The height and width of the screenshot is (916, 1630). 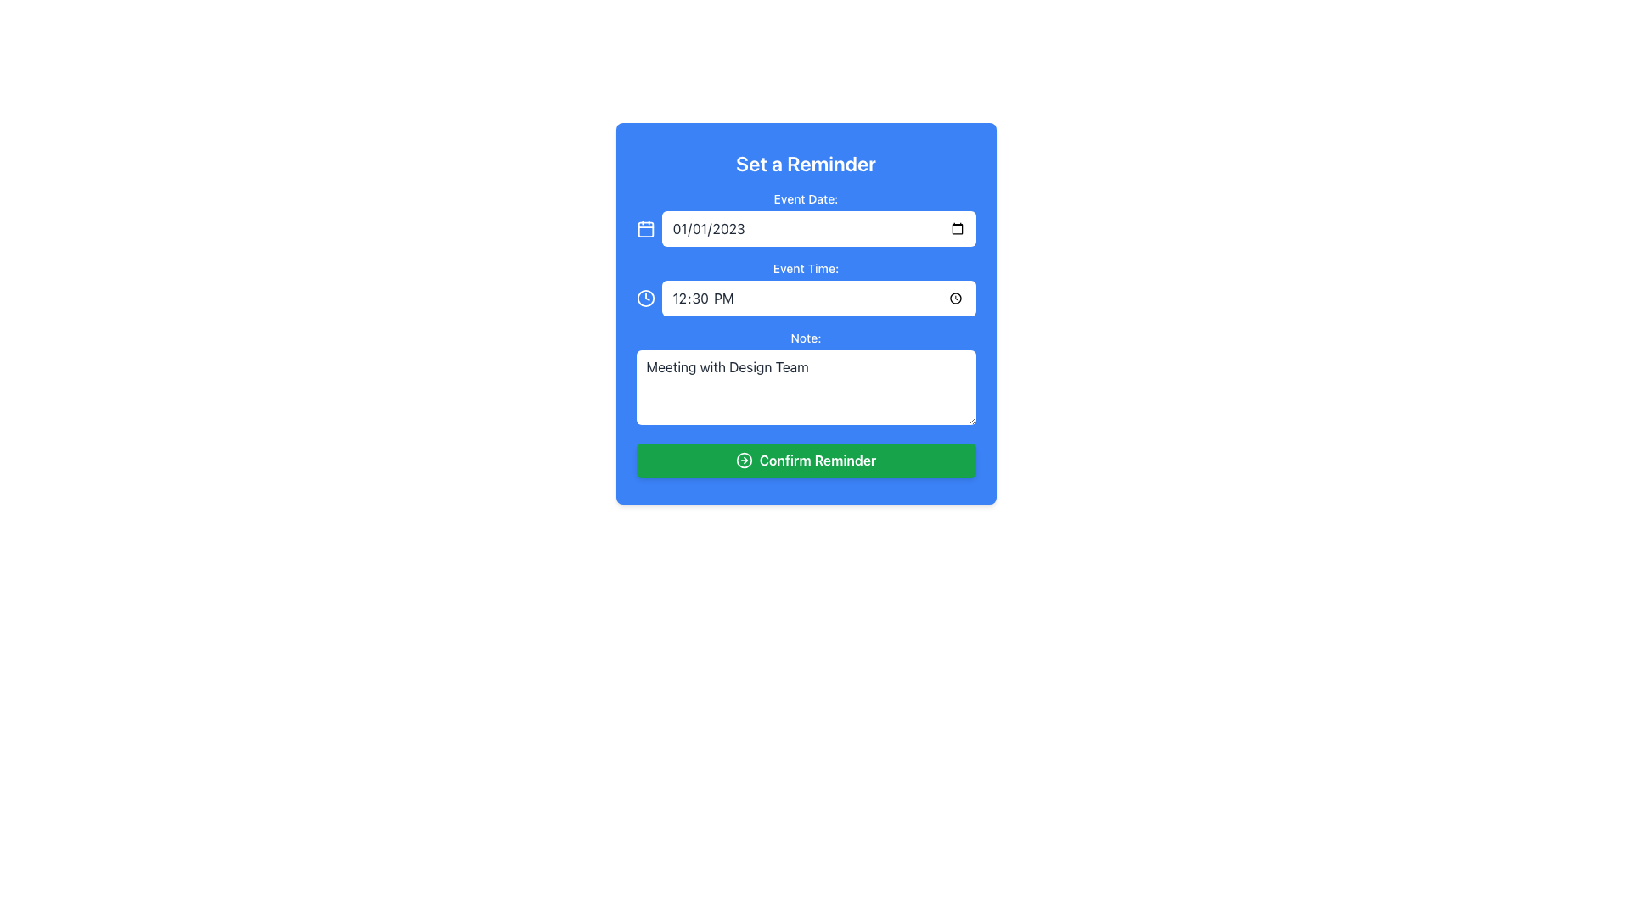 I want to click on the icon located on the left side of the 'Confirm Reminder' button at the bottom of the card-like component, so click(x=744, y=461).